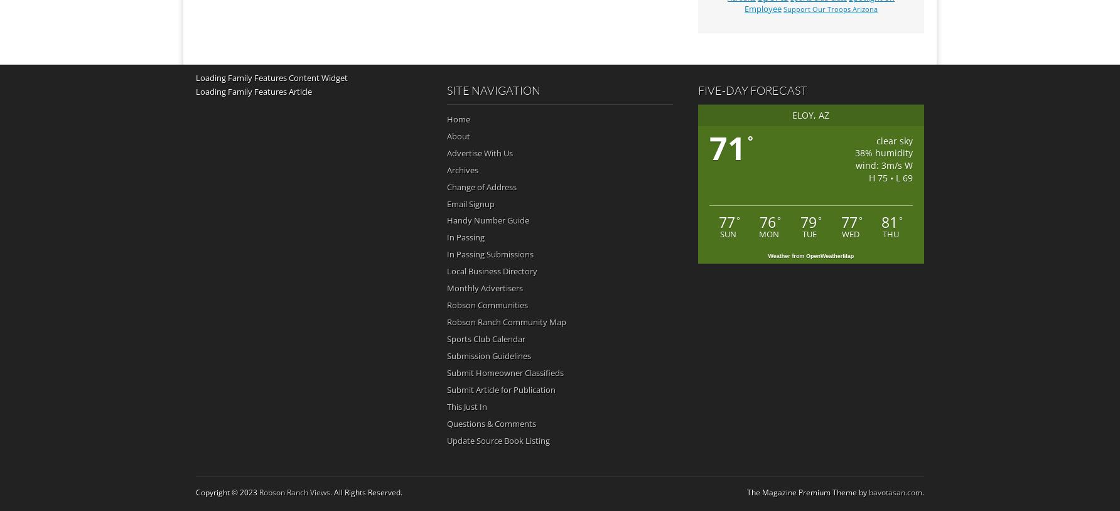 The image size is (1120, 511). I want to click on 'Weather from OpenWeatherMap', so click(810, 255).